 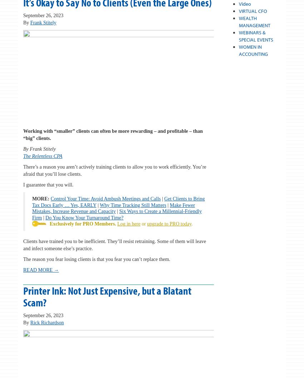 I want to click on 'Six Ways to Create a Millennial-Friendly Firm', so click(x=117, y=214).